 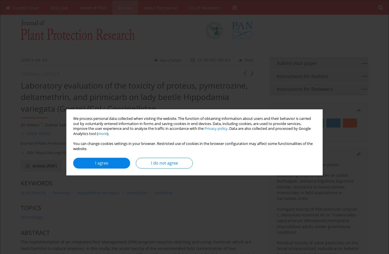 I want to click on 'Ardavan  Mardani', so click(x=121, y=124).